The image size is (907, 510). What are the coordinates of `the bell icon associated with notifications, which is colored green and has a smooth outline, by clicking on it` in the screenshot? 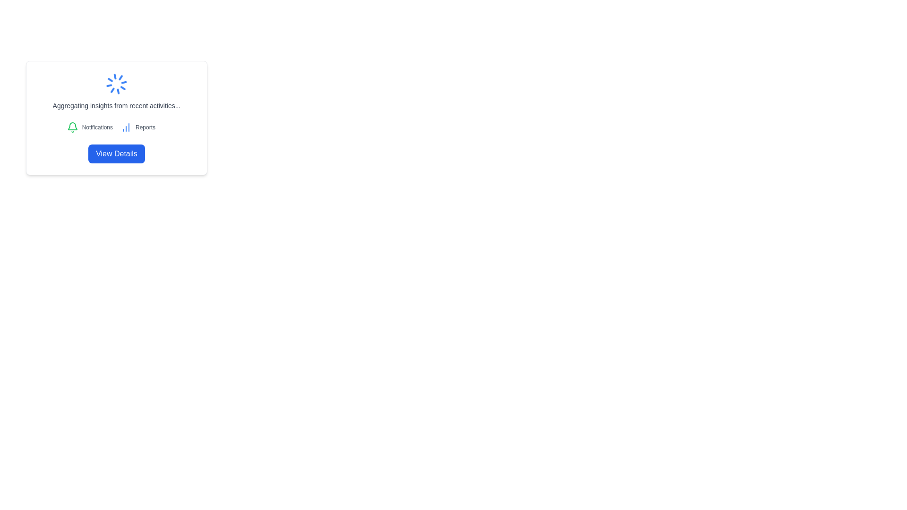 It's located at (72, 126).